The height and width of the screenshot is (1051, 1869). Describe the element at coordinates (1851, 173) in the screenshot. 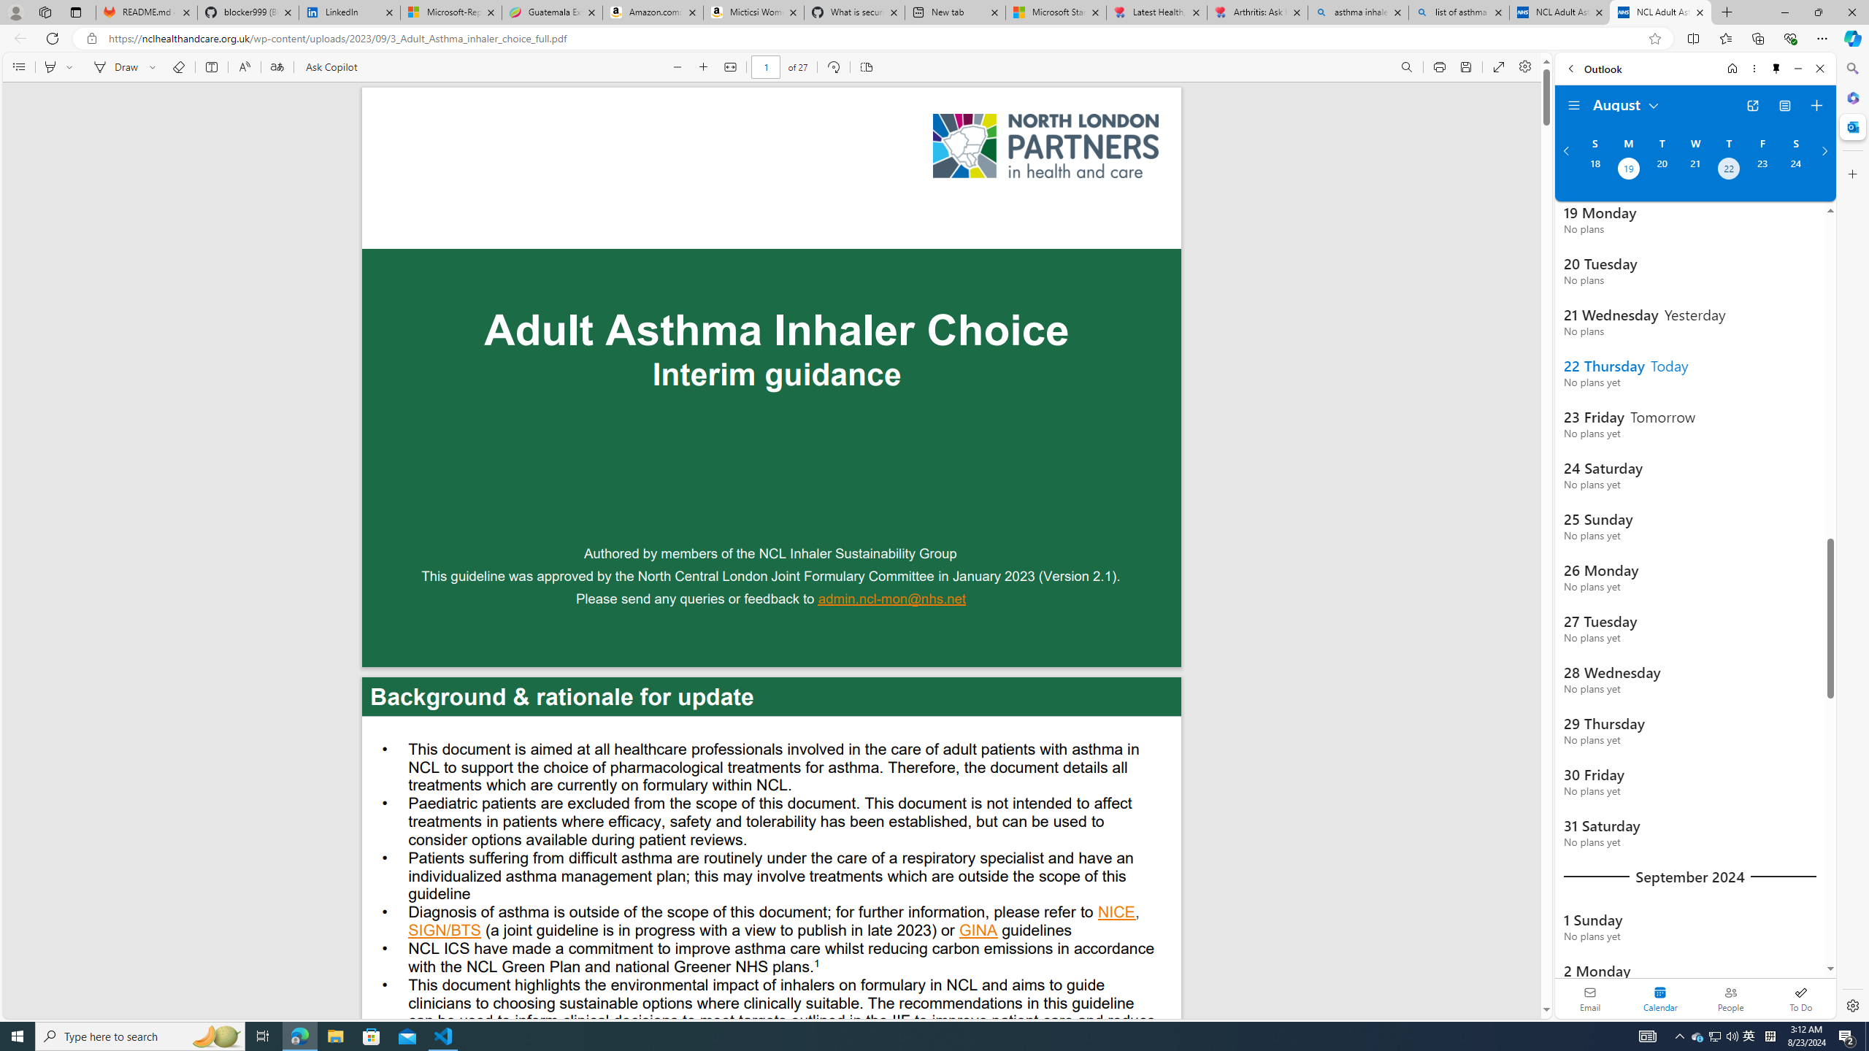

I see `'Customize'` at that location.